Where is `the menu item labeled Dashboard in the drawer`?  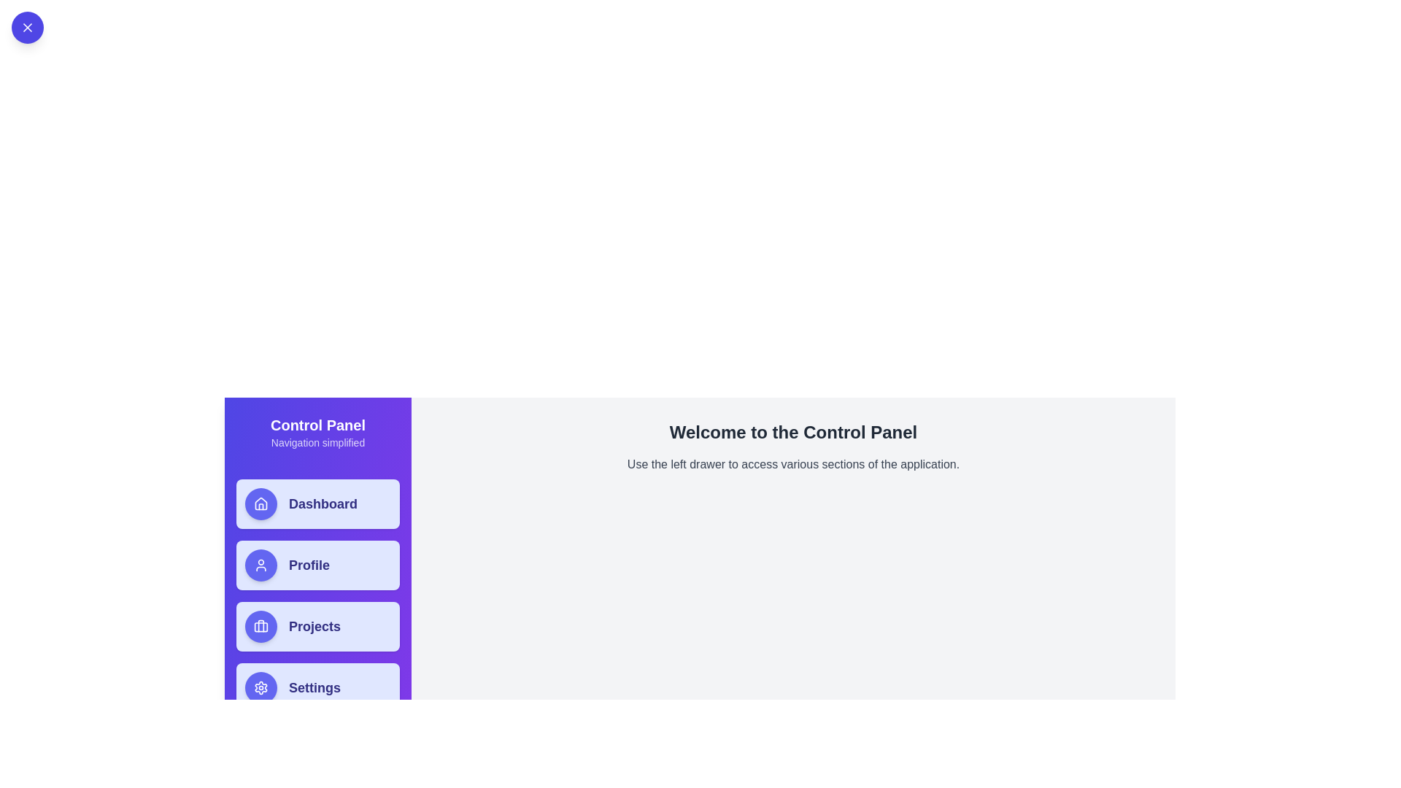
the menu item labeled Dashboard in the drawer is located at coordinates (317, 503).